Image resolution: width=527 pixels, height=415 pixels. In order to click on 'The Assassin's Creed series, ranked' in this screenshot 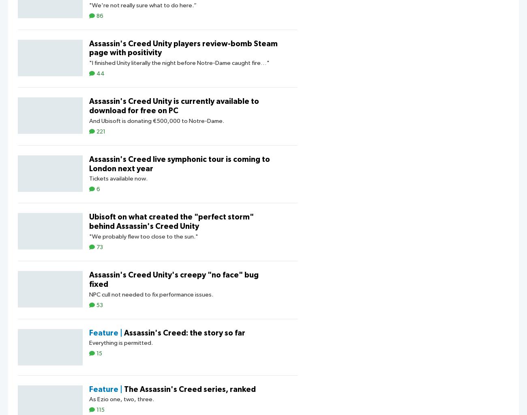, I will do `click(189, 389)`.